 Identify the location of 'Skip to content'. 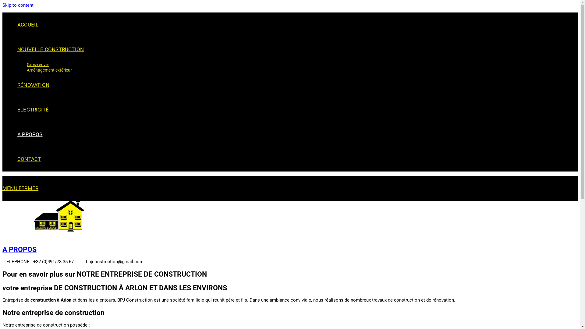
(18, 5).